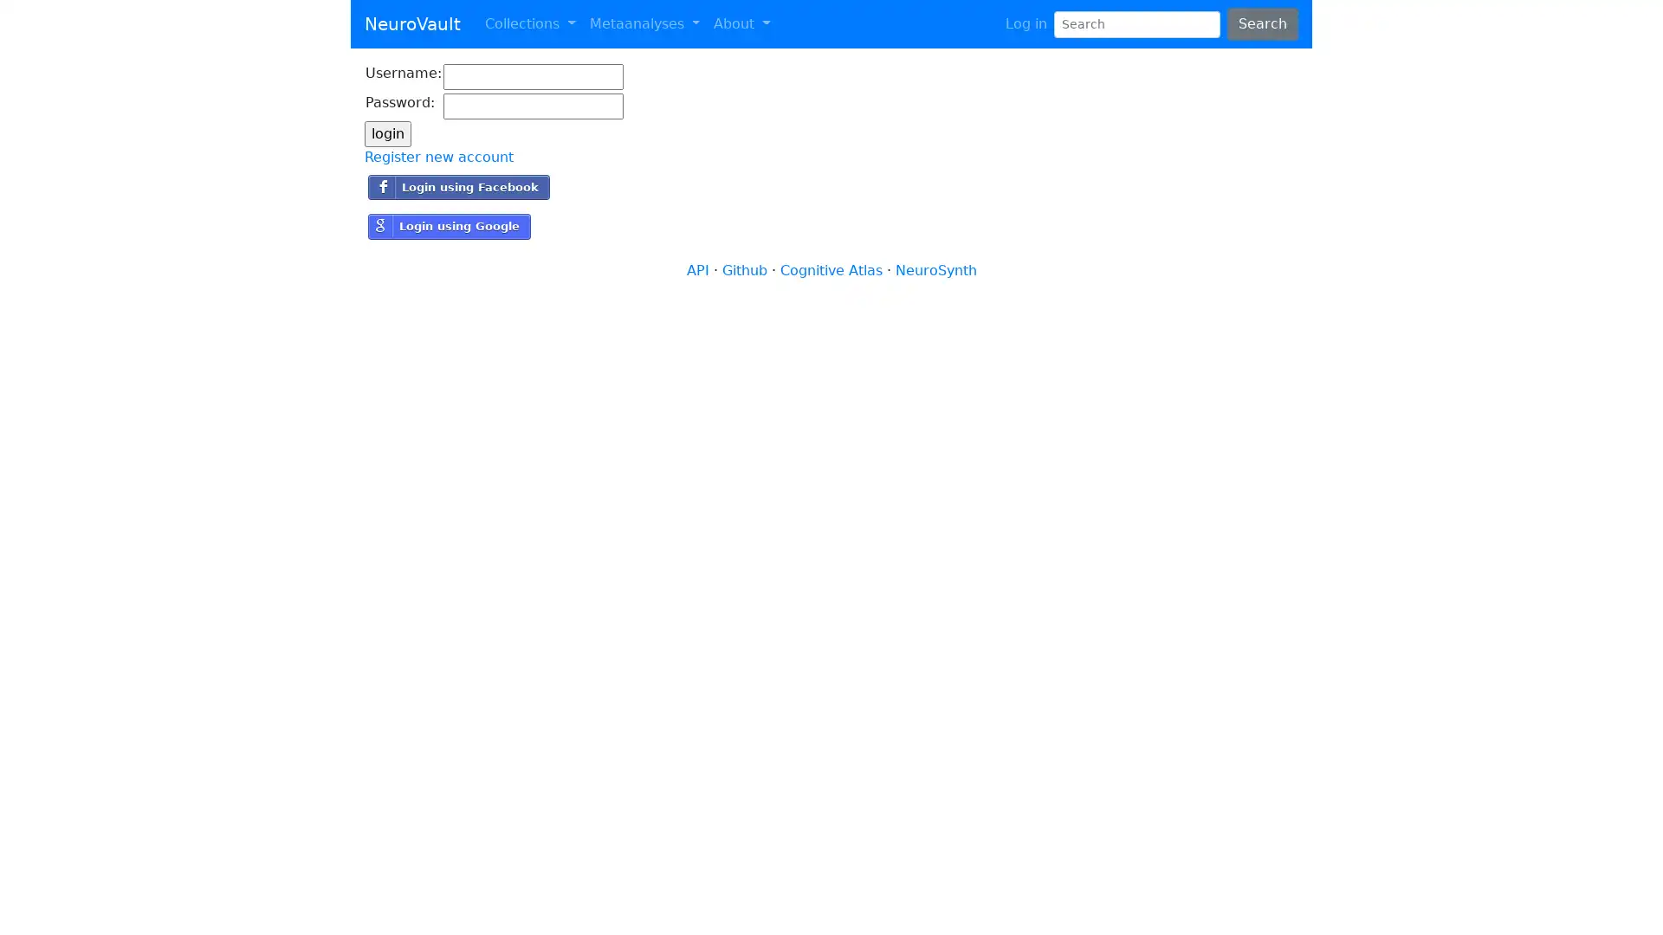 Image resolution: width=1663 pixels, height=935 pixels. I want to click on login, so click(386, 132).